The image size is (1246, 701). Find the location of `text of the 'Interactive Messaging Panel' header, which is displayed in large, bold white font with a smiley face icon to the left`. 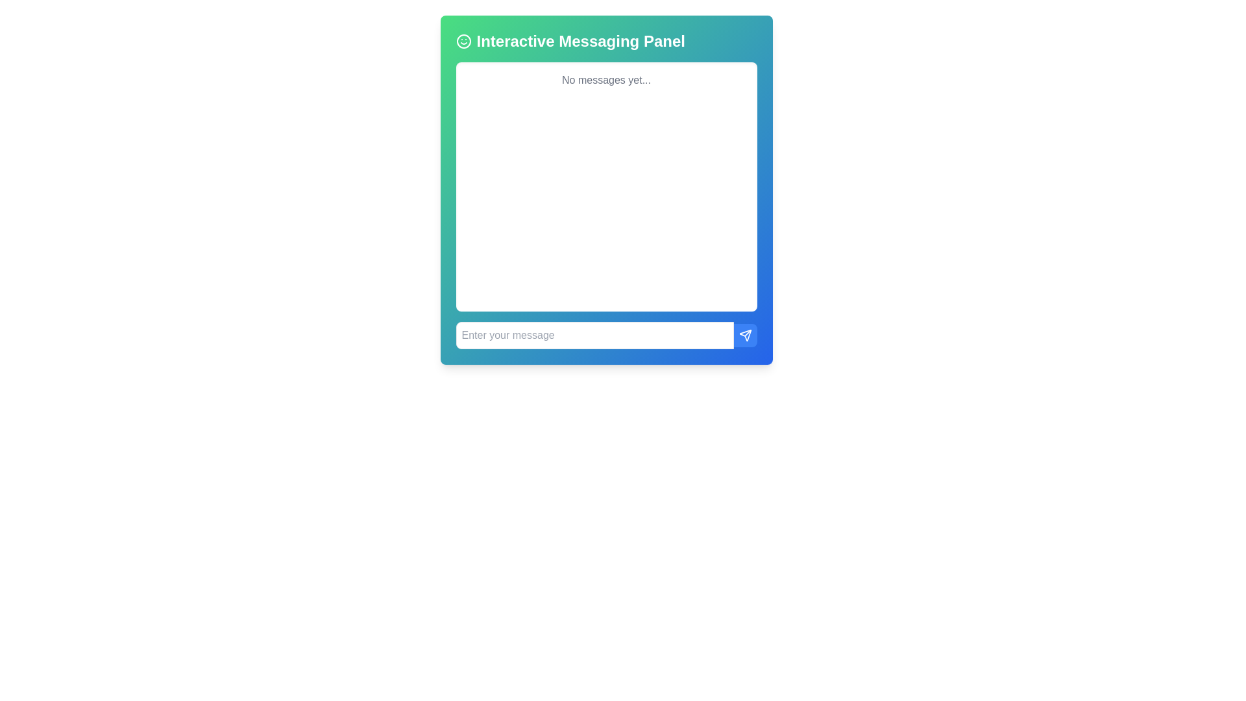

text of the 'Interactive Messaging Panel' header, which is displayed in large, bold white font with a smiley face icon to the left is located at coordinates (605, 41).